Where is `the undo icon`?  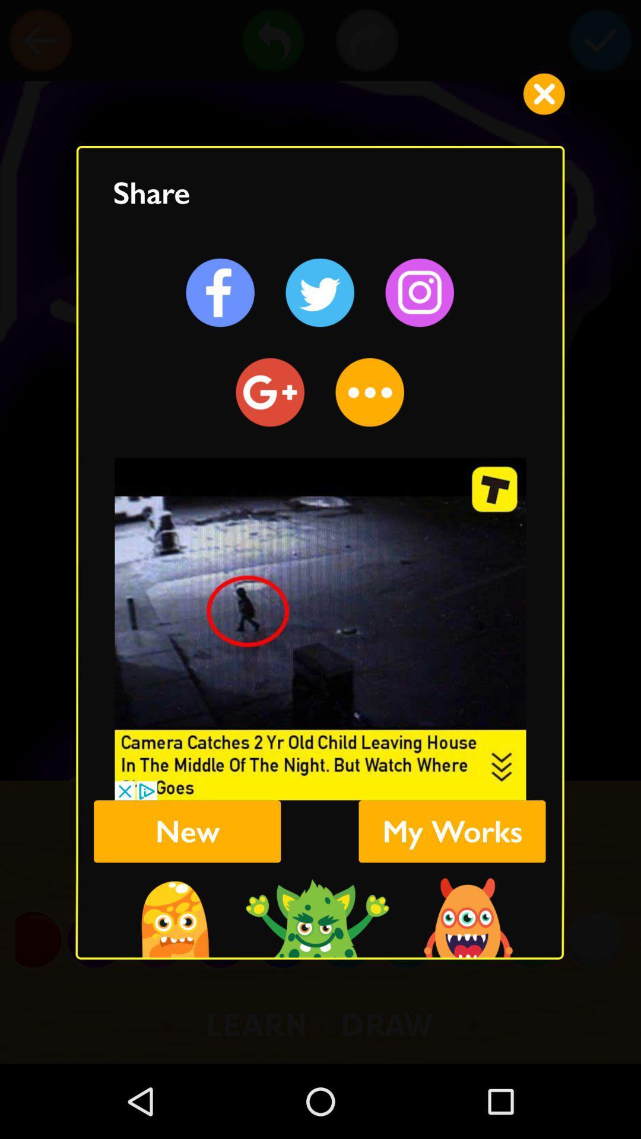 the undo icon is located at coordinates (273, 40).